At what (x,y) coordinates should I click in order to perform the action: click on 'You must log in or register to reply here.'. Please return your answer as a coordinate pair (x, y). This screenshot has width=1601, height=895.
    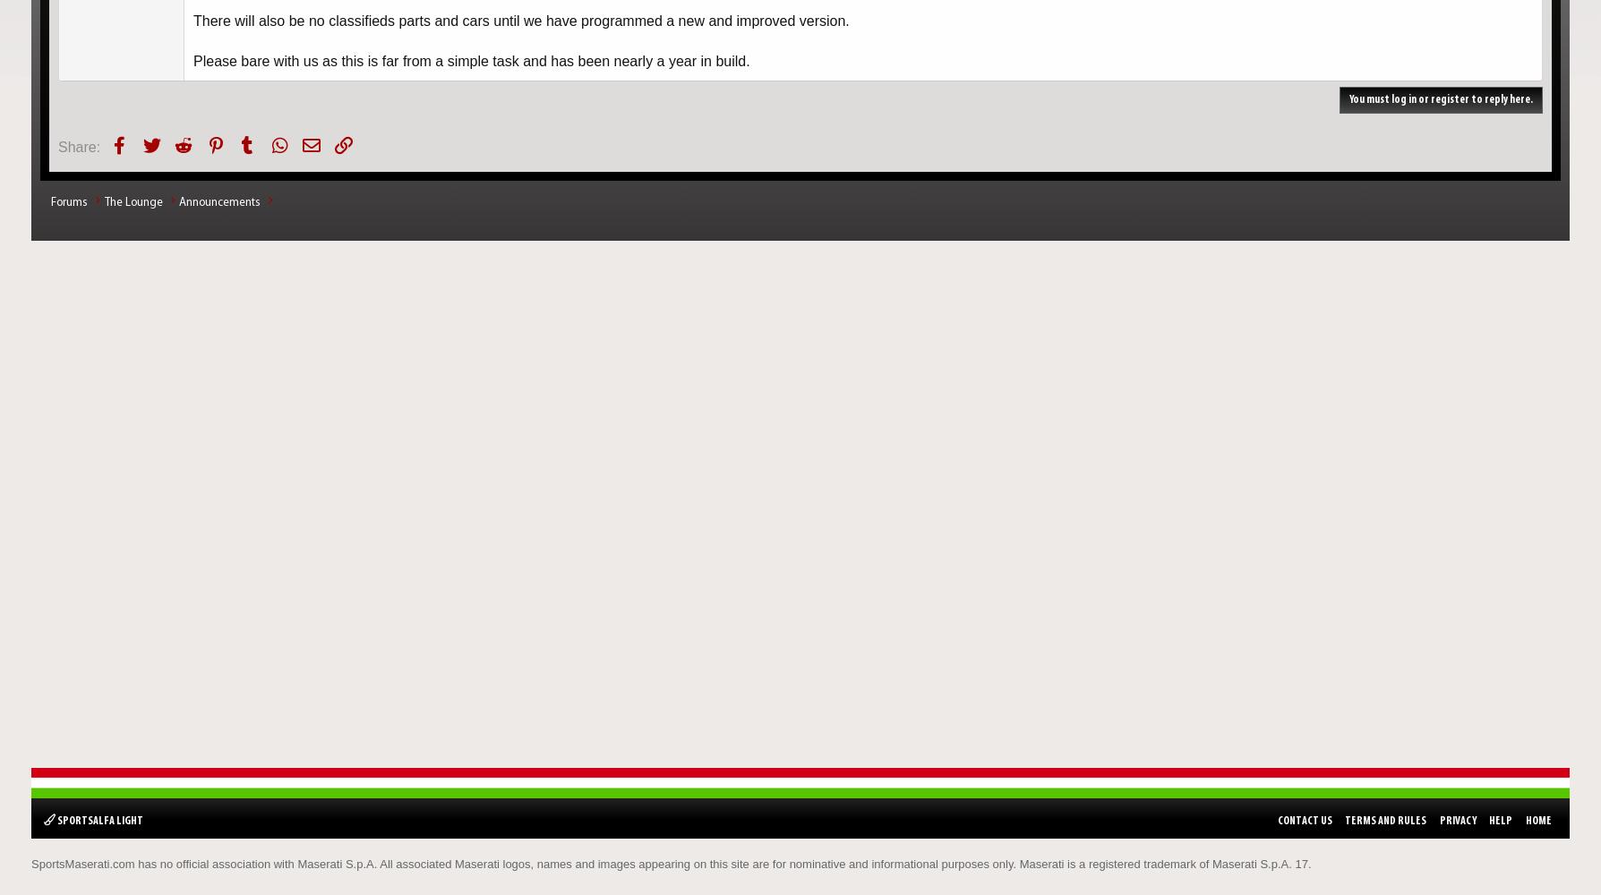
    Looking at the image, I should click on (1440, 98).